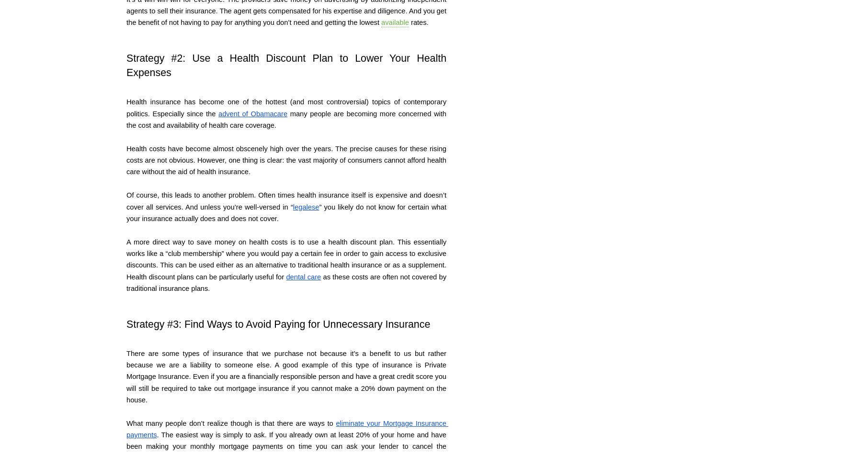 The width and height of the screenshot is (866, 455). What do you see at coordinates (303, 276) in the screenshot?
I see `'dental care'` at bounding box center [303, 276].